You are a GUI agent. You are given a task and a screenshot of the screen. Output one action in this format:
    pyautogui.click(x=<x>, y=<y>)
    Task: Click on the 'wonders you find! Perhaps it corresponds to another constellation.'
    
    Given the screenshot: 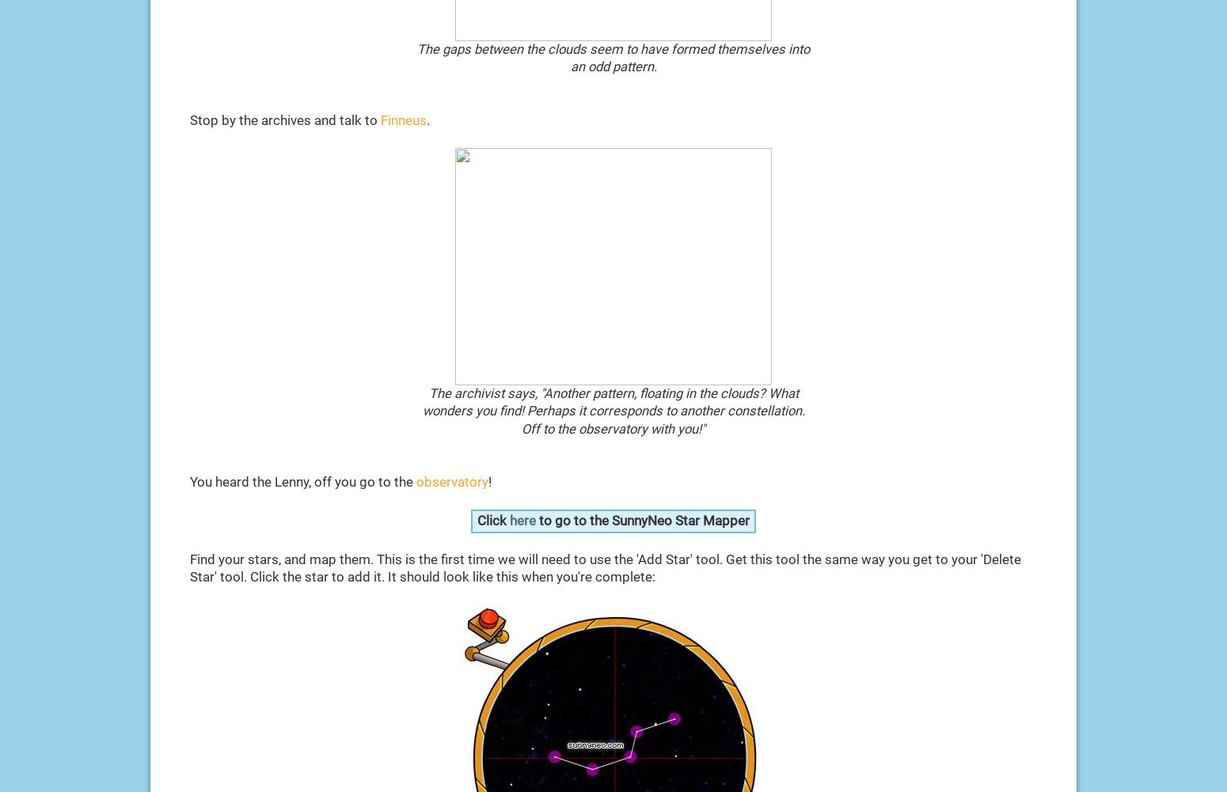 What is the action you would take?
    pyautogui.click(x=421, y=410)
    